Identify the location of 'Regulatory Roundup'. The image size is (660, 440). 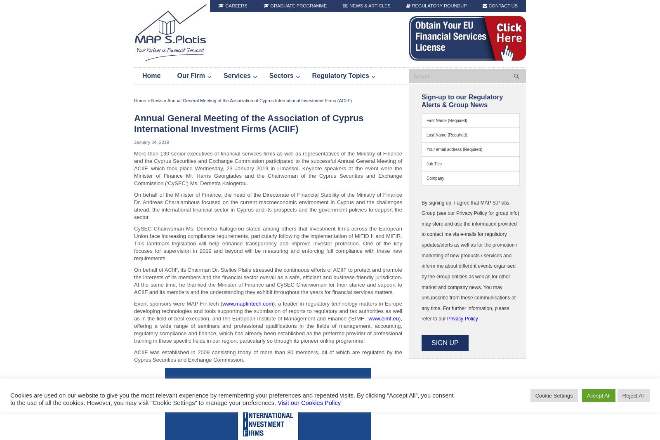
(438, 5).